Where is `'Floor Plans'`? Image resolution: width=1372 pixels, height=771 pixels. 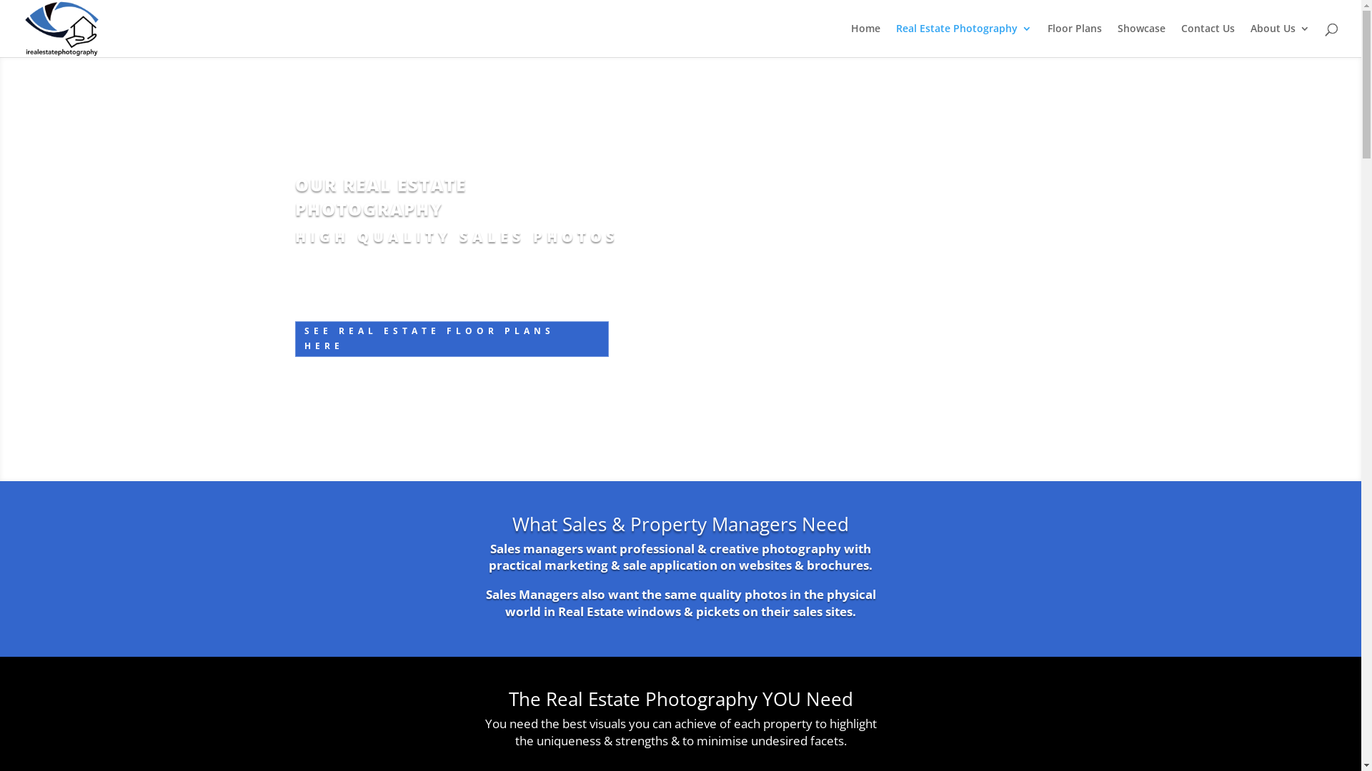 'Floor Plans' is located at coordinates (1074, 39).